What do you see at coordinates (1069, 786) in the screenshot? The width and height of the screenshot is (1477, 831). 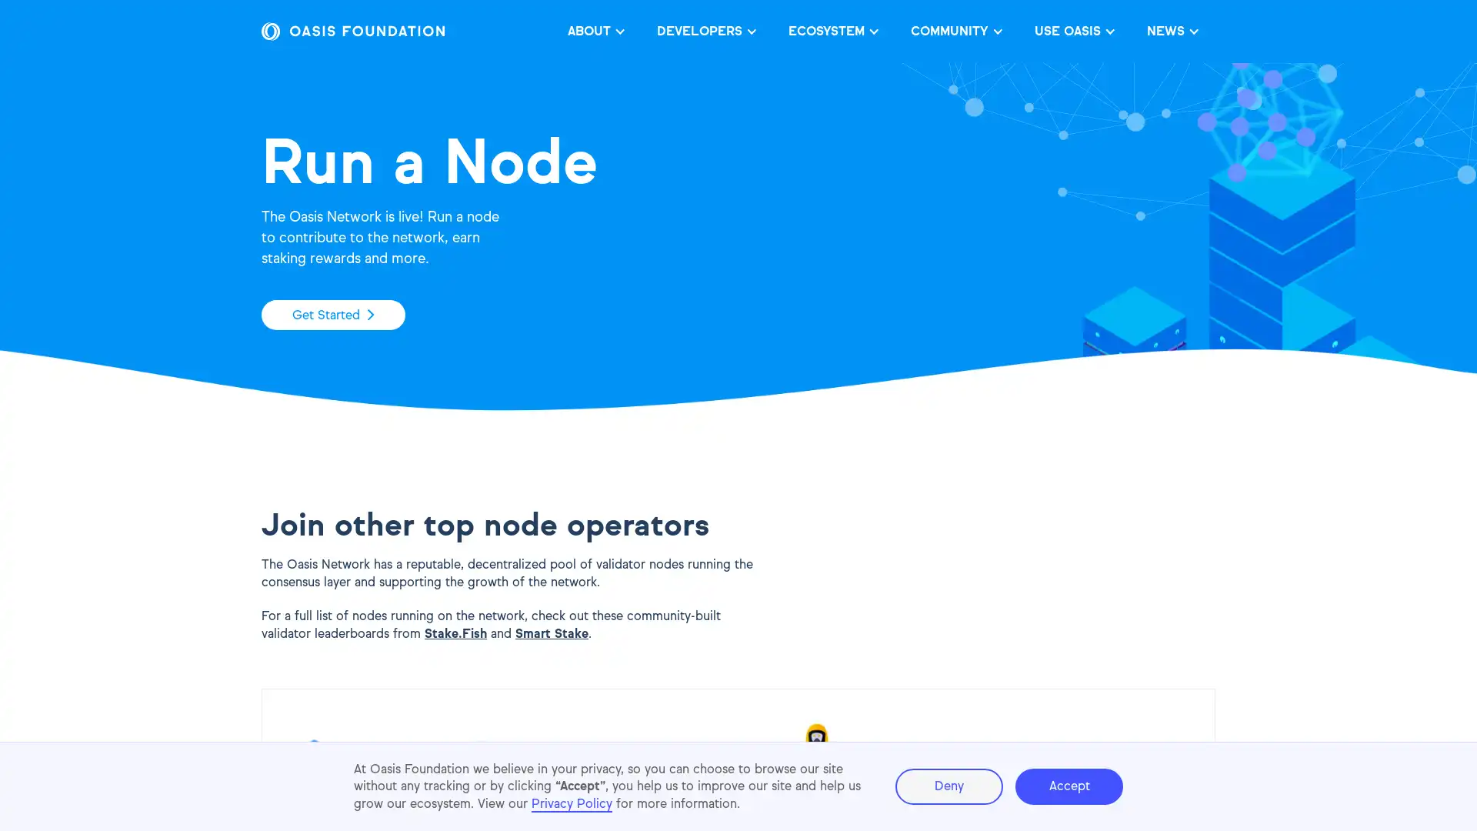 I see `Accept` at bounding box center [1069, 786].